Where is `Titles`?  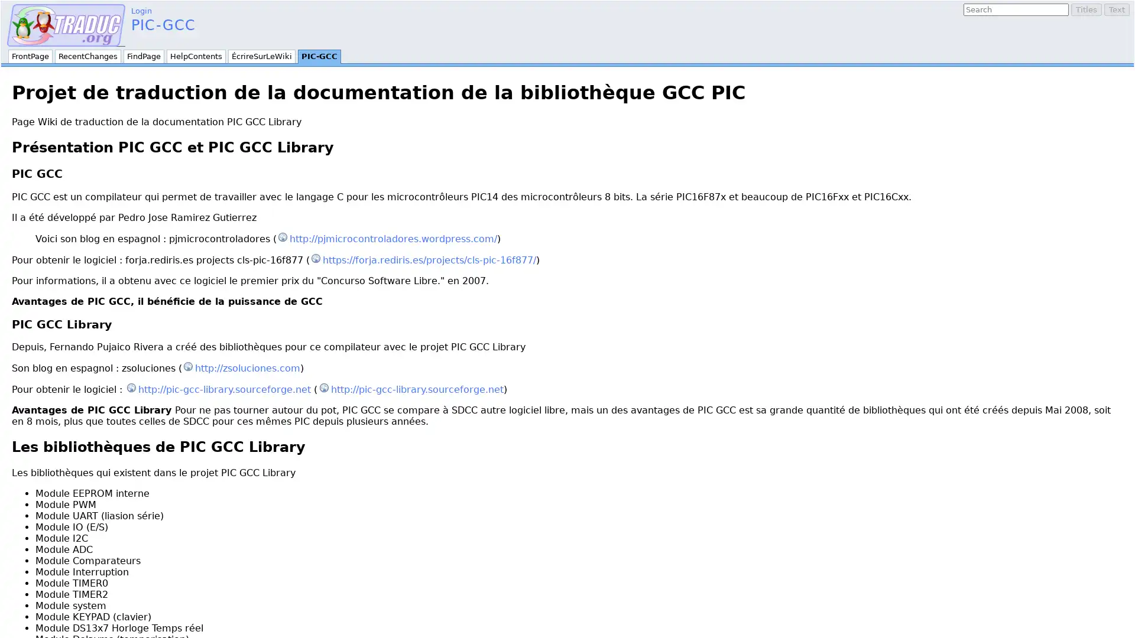
Titles is located at coordinates (1087, 9).